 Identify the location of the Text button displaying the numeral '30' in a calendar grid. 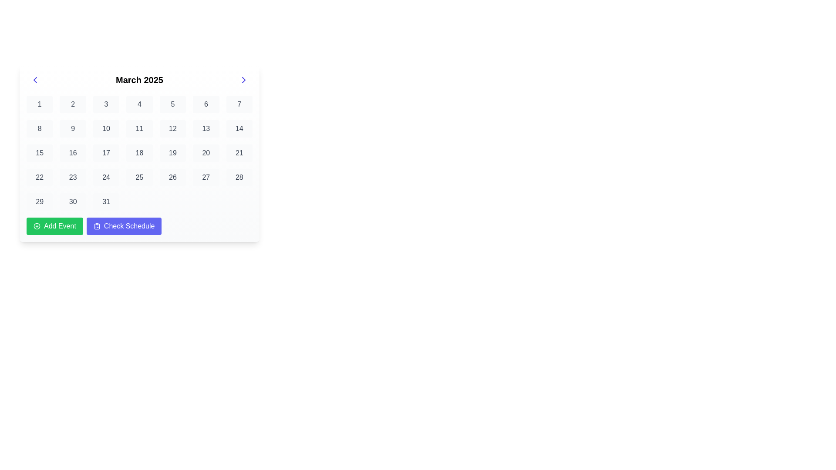
(73, 201).